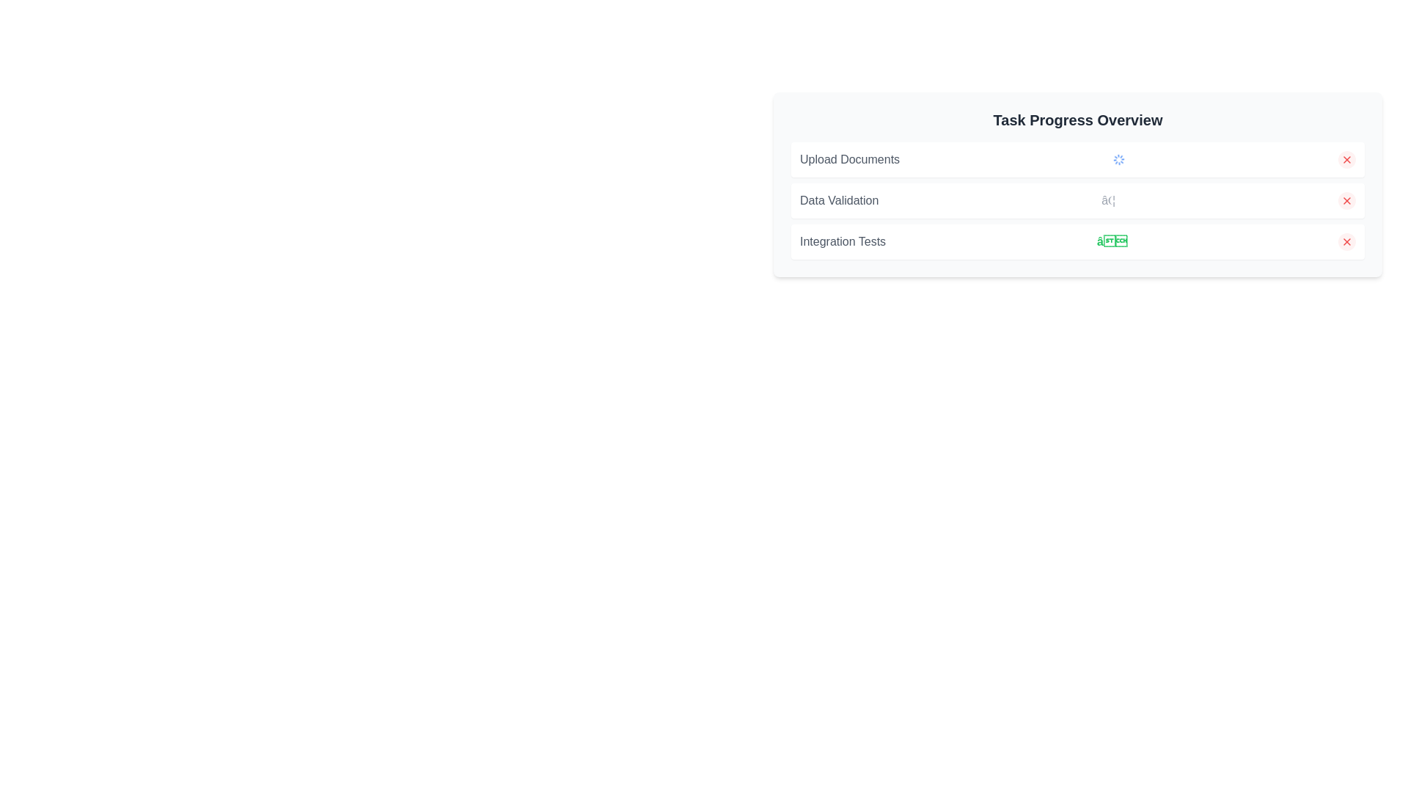 The width and height of the screenshot is (1408, 792). I want to click on the circular red button with a red cross icon located at the far-right of the 'Upload Documents' section in the 'Task Progress Overview' component, so click(1347, 160).